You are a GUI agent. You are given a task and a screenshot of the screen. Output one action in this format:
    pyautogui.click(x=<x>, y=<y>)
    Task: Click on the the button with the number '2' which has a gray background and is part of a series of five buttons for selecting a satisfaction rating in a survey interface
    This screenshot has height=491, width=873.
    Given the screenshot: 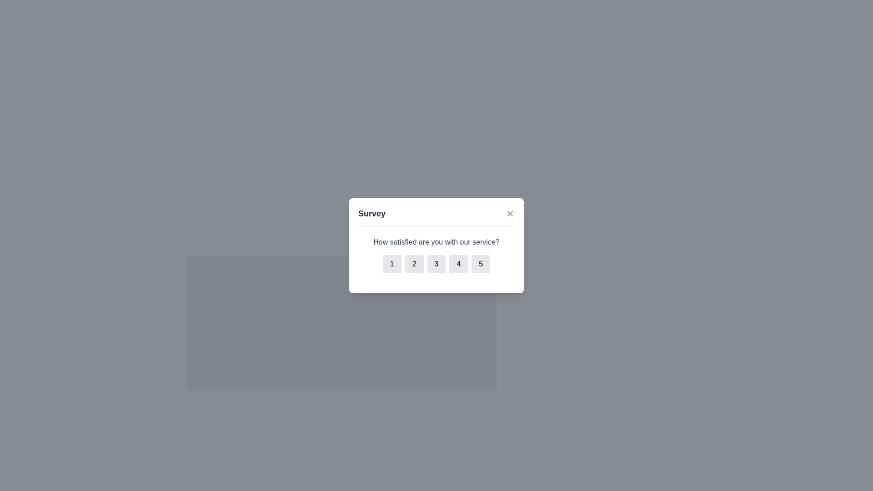 What is the action you would take?
    pyautogui.click(x=414, y=264)
    